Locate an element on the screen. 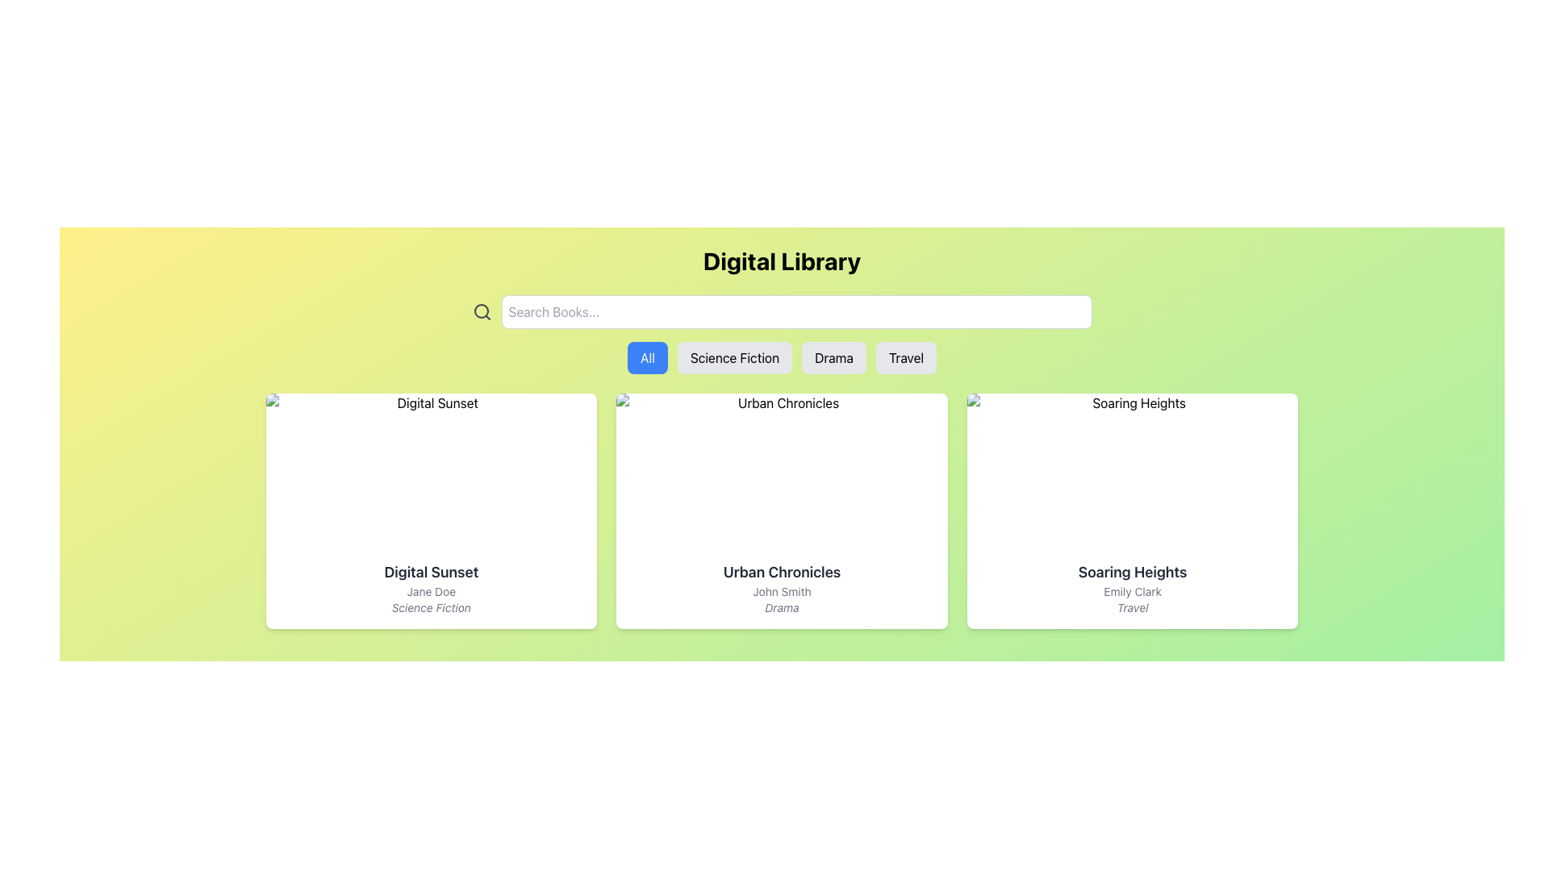 Image resolution: width=1549 pixels, height=871 pixels. the 'Science Fiction' button, which is a light gray rounded button with black text, to filter books by the Science Fiction category is located at coordinates (734, 356).